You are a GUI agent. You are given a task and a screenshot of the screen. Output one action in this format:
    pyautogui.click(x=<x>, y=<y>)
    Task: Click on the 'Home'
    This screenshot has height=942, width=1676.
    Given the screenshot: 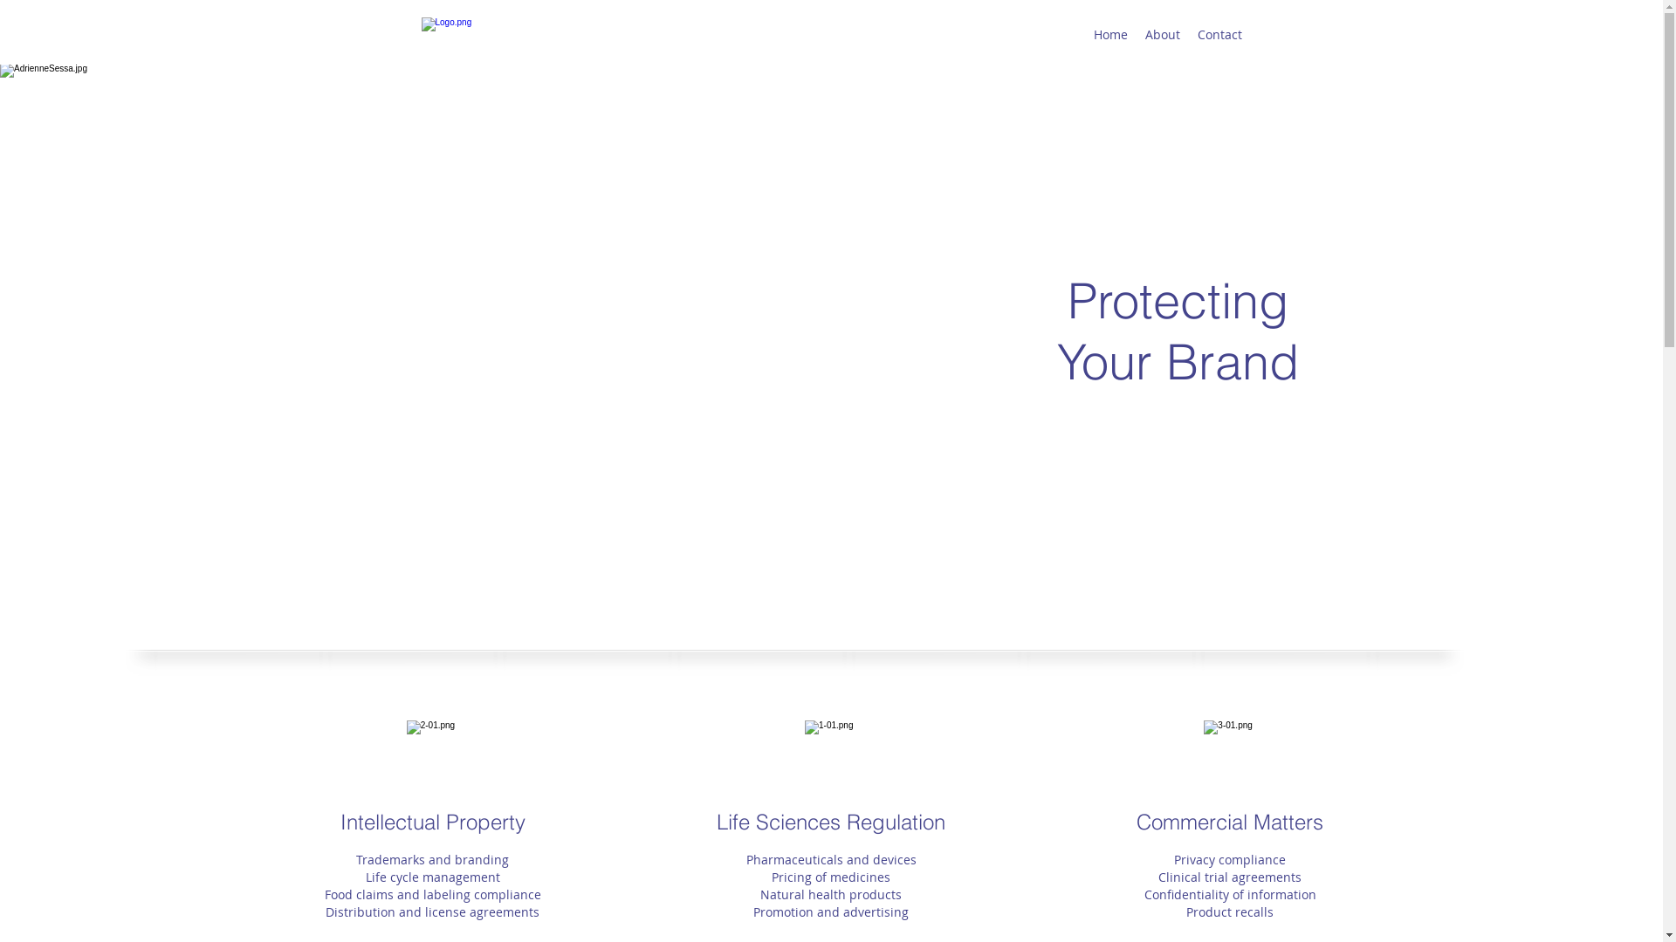 What is the action you would take?
    pyautogui.click(x=1109, y=34)
    